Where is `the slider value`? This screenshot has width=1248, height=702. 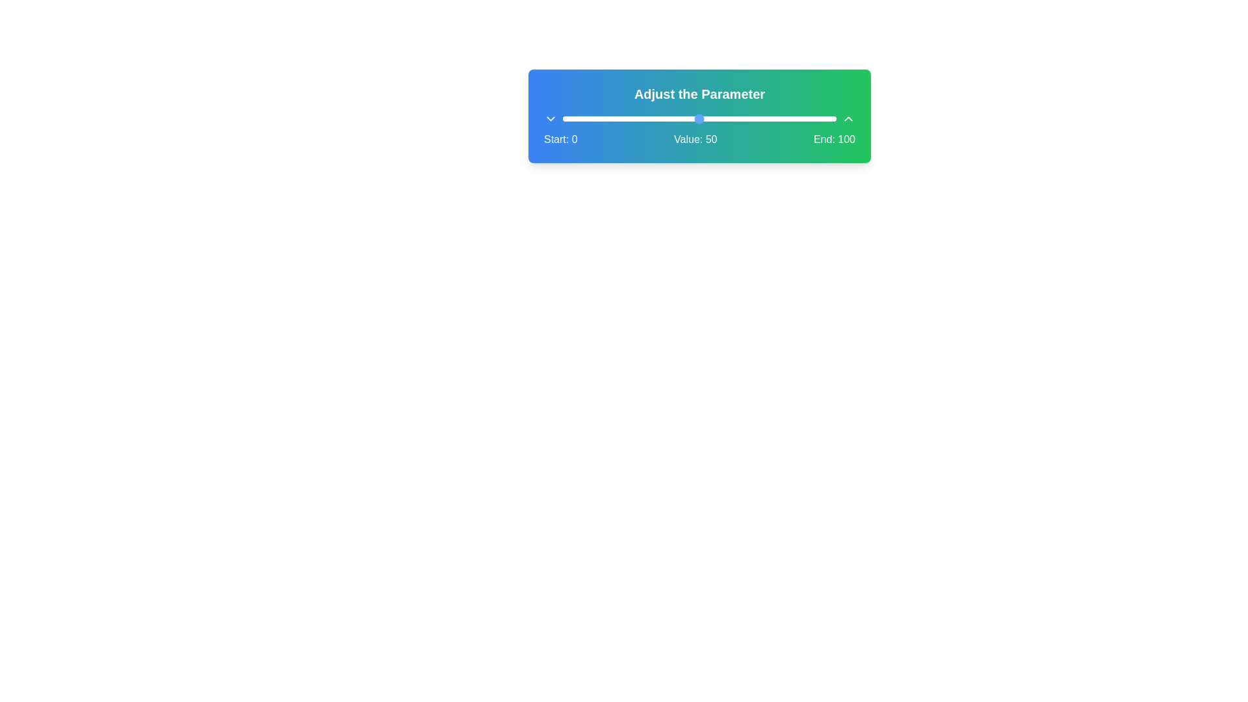 the slider value is located at coordinates (645, 118).